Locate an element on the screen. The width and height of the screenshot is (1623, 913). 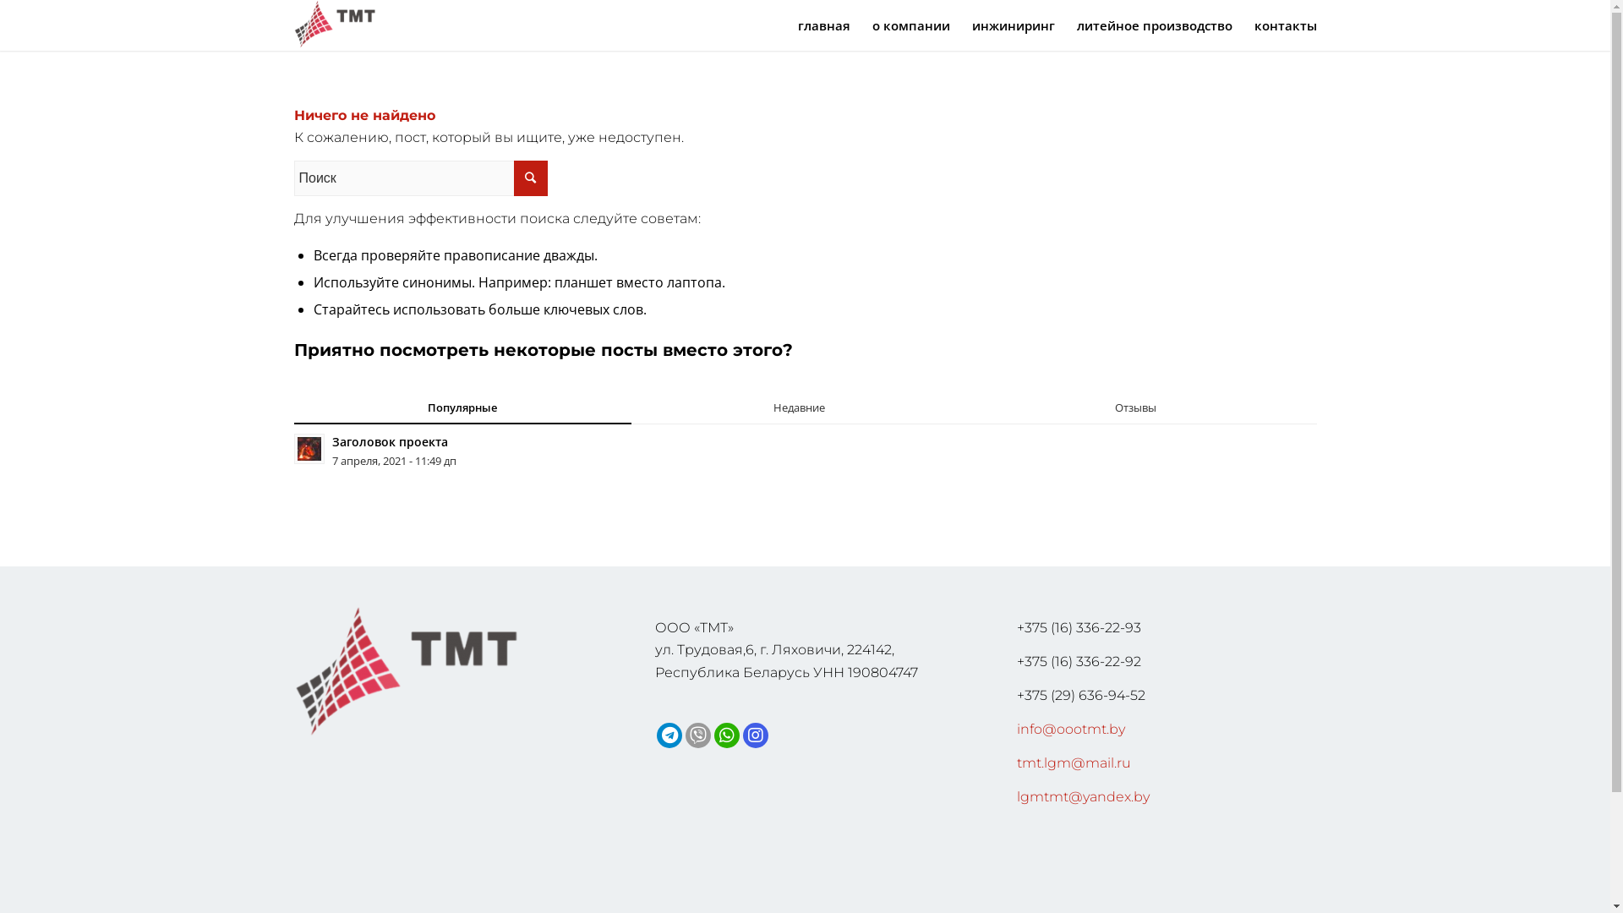
'Instagram' is located at coordinates (754, 735).